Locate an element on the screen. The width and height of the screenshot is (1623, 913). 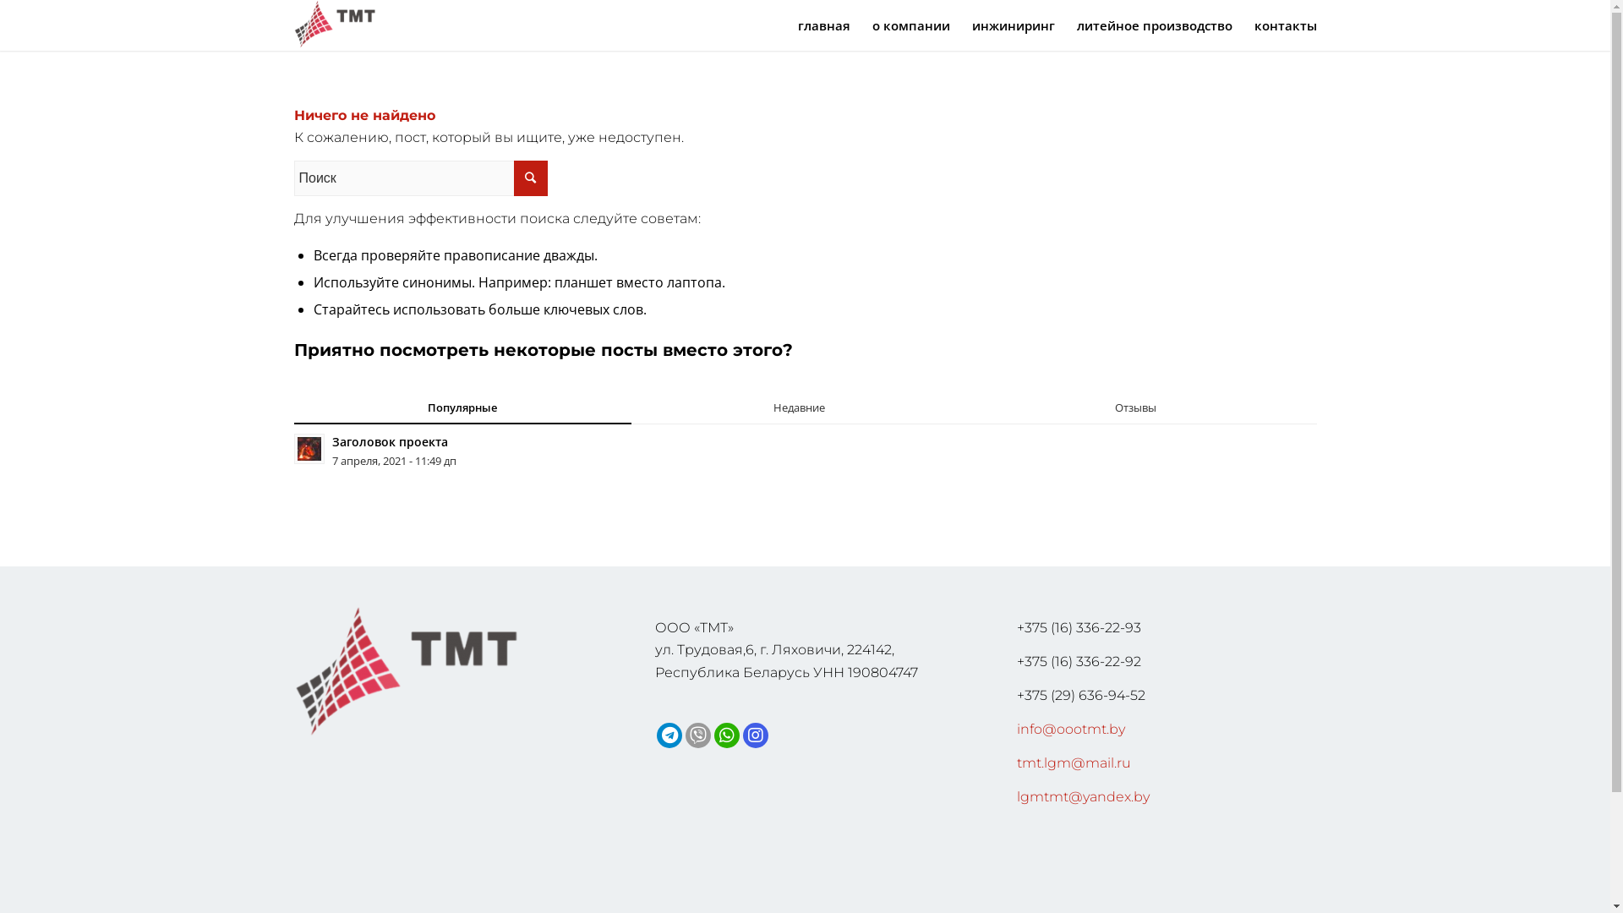
'Instagram' is located at coordinates (754, 735).